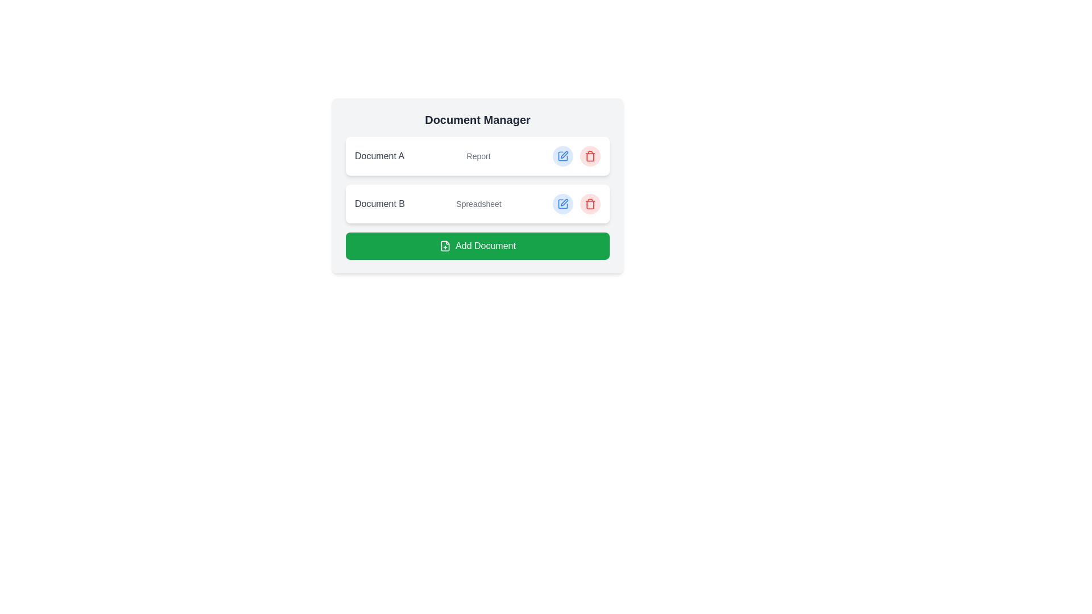 Image resolution: width=1092 pixels, height=614 pixels. I want to click on the pen icon within the blue circular button located to the right side of the row for 'Document B', so click(562, 156).